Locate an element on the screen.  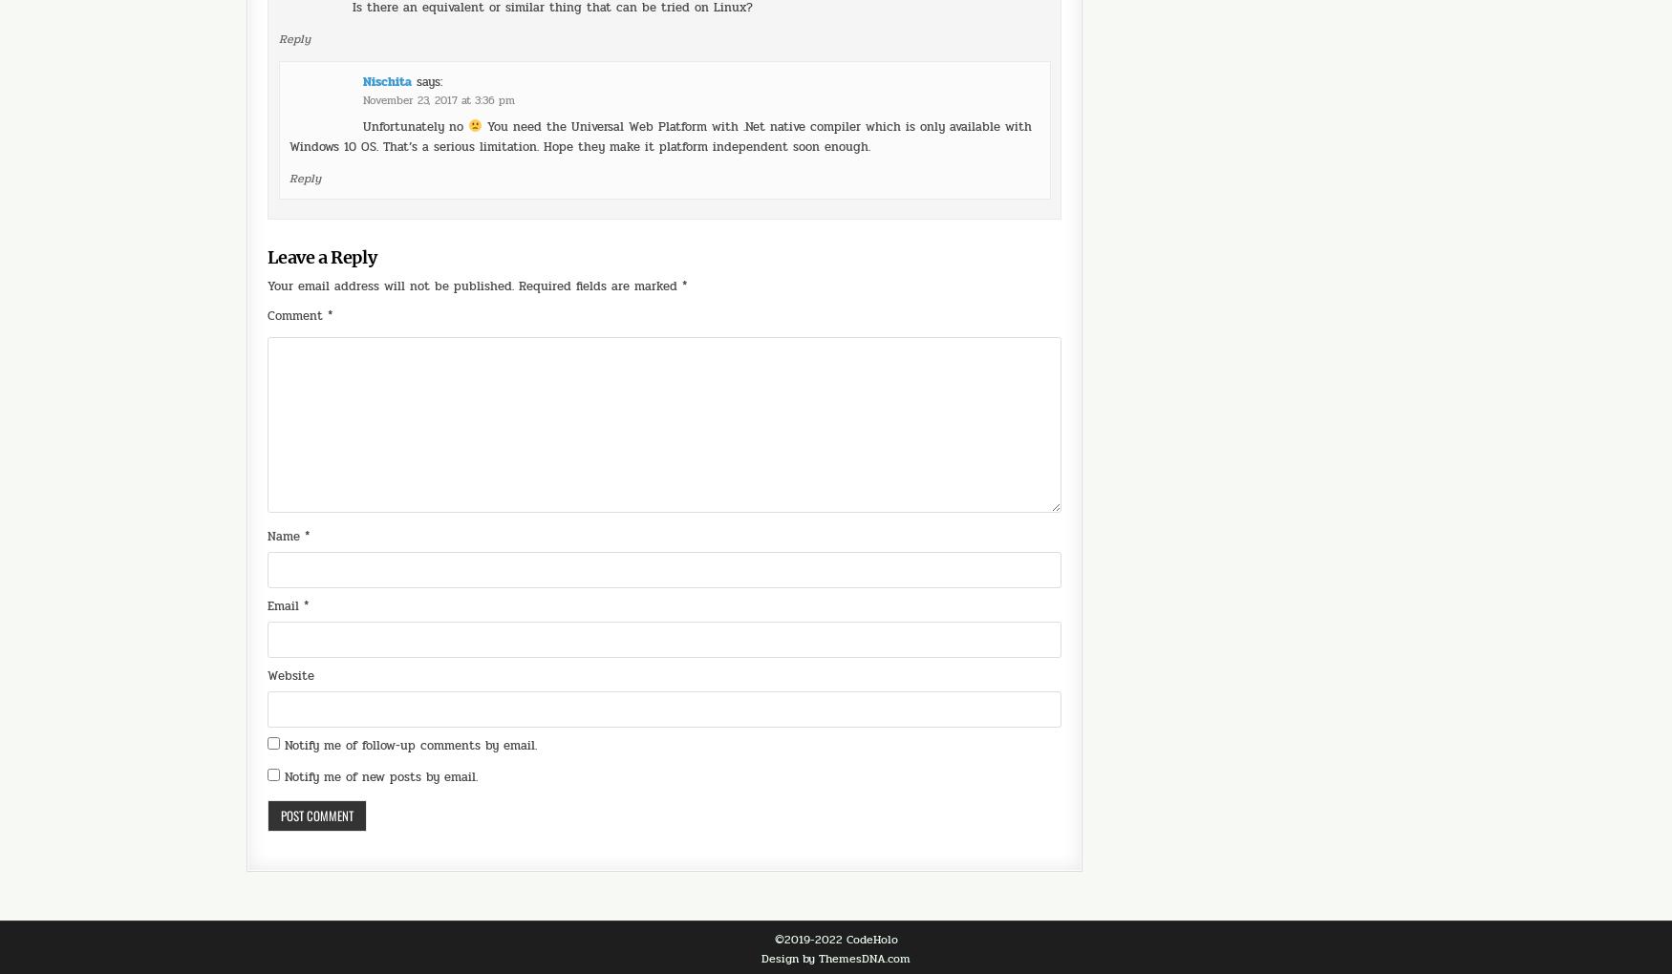
'November 23, 2017 at 3:36 pm' is located at coordinates (439, 47).